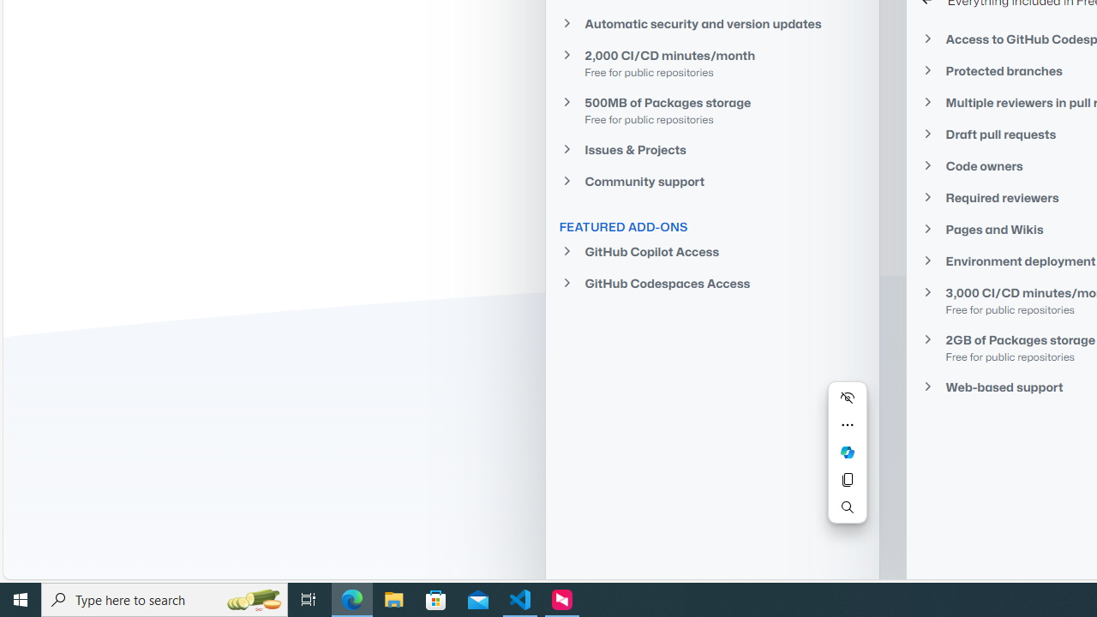 The height and width of the screenshot is (617, 1097). Describe the element at coordinates (711, 23) in the screenshot. I see `'Automatic security and version updates'` at that location.